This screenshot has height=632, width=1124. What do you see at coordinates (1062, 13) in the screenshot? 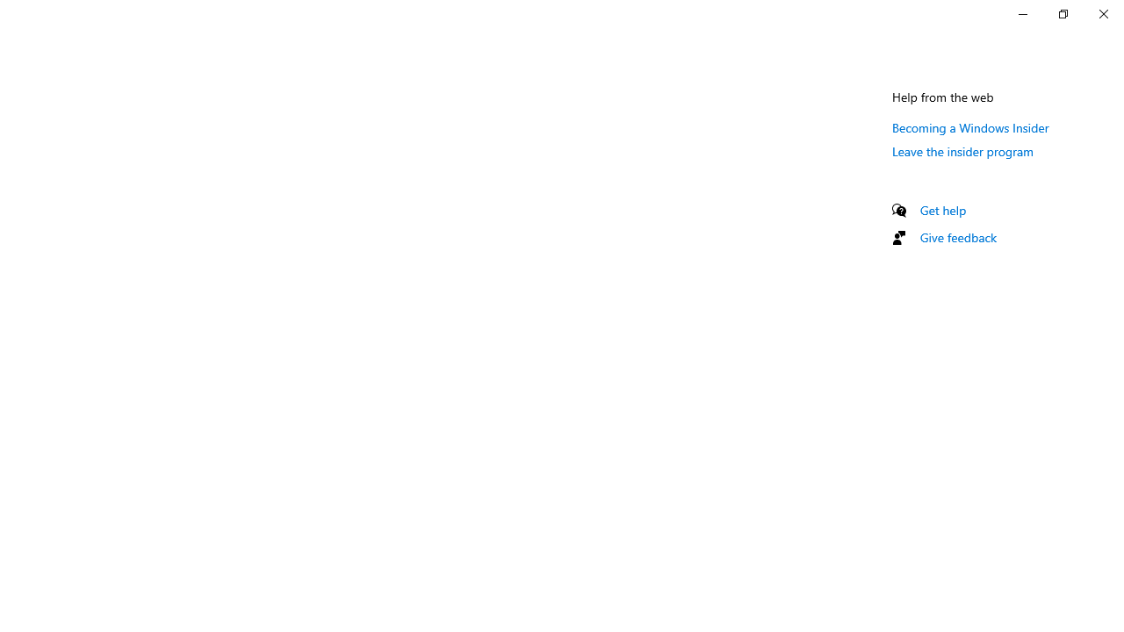
I see `'Restore Settings'` at bounding box center [1062, 13].